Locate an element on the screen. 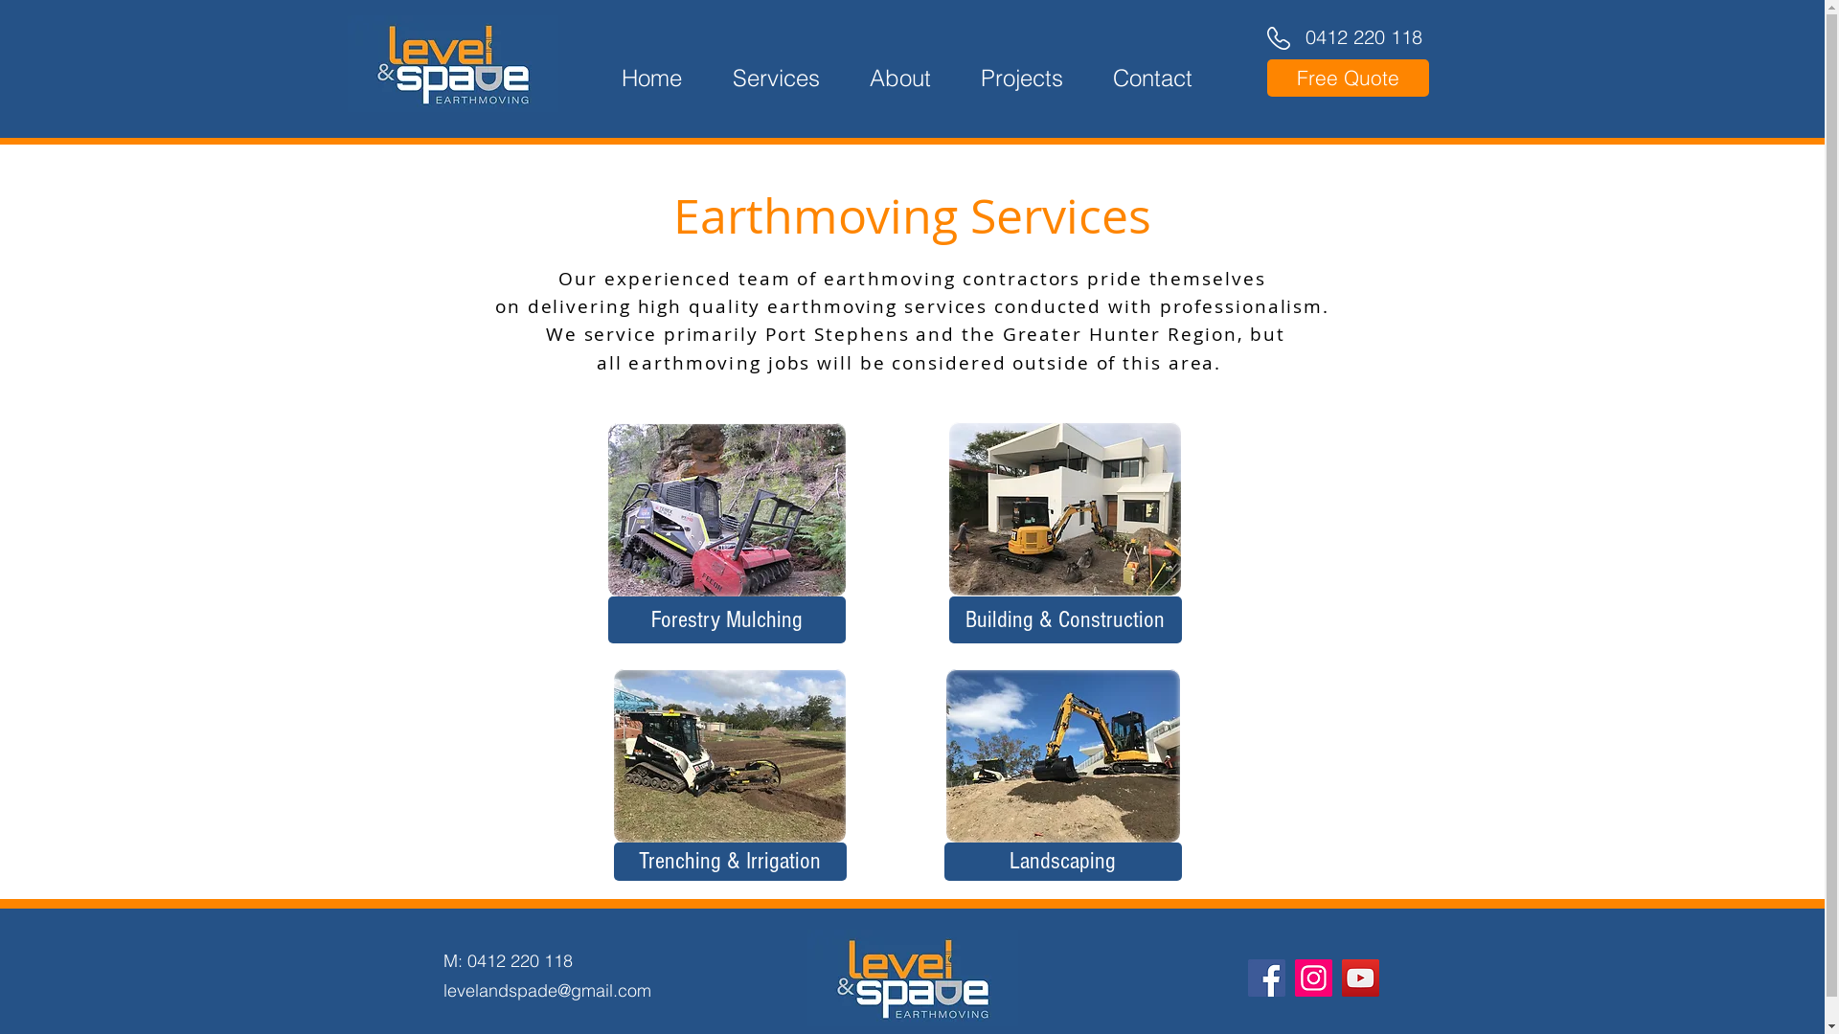  'Home' is located at coordinates (652, 77).